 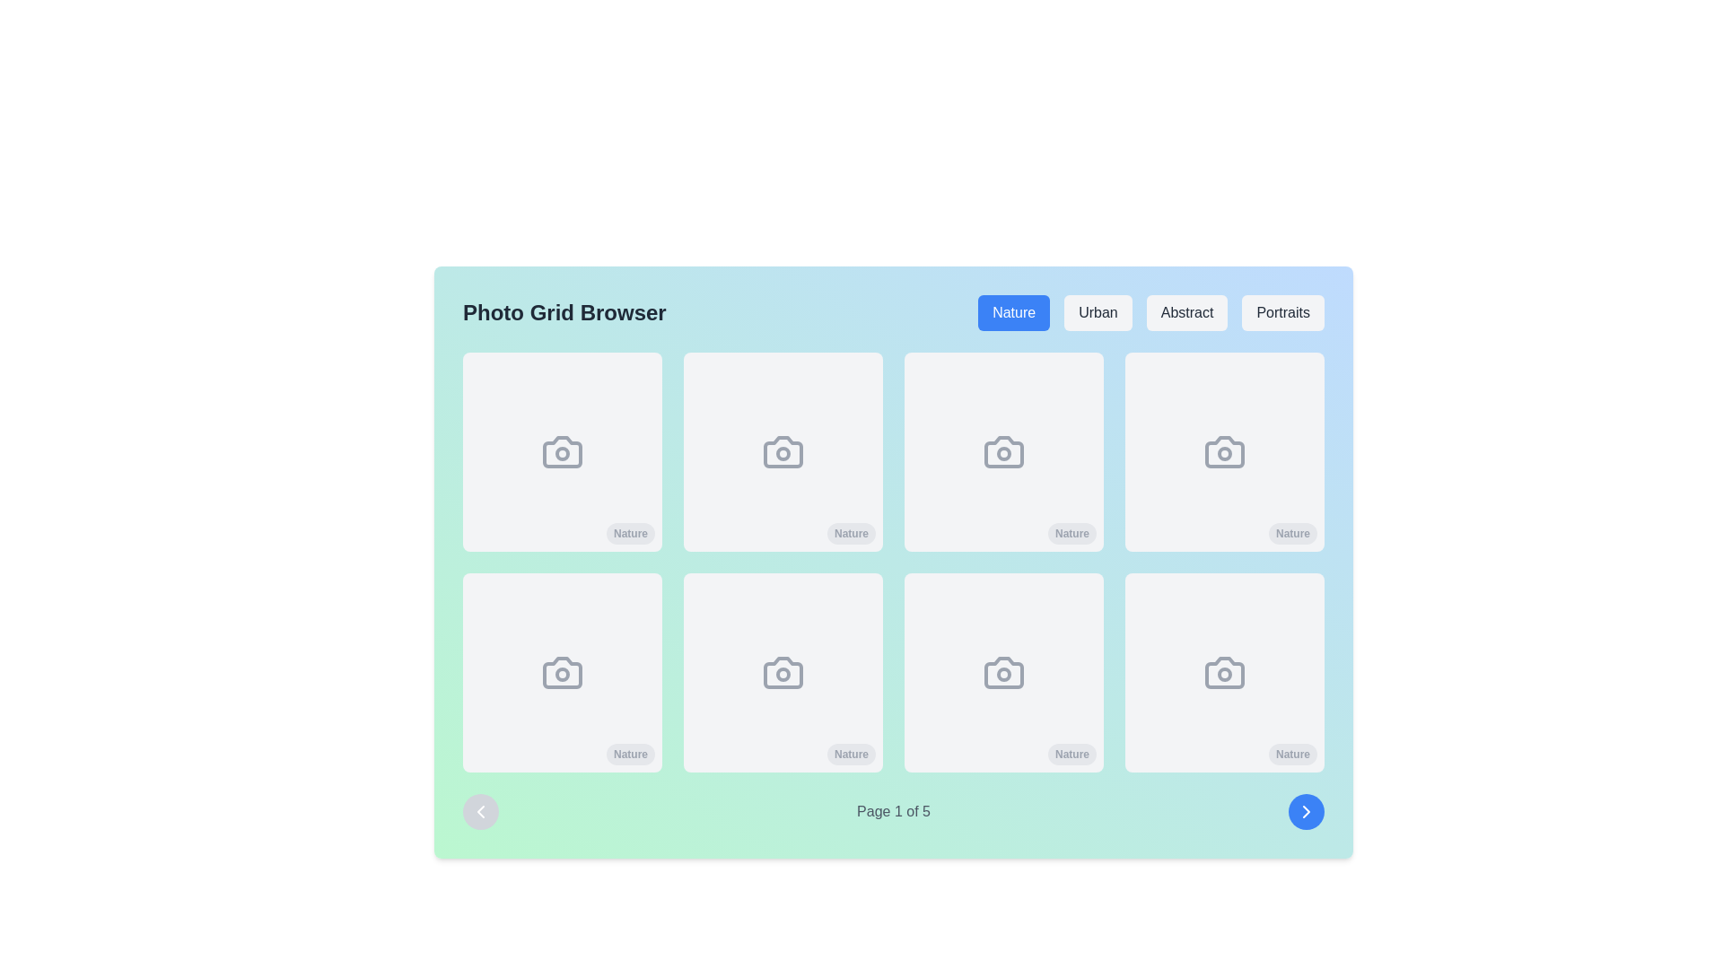 What do you see at coordinates (1002, 451) in the screenshot?
I see `the Image grid cell with label in the 'Nature' category, located in the second row and third column of the grid layout` at bounding box center [1002, 451].